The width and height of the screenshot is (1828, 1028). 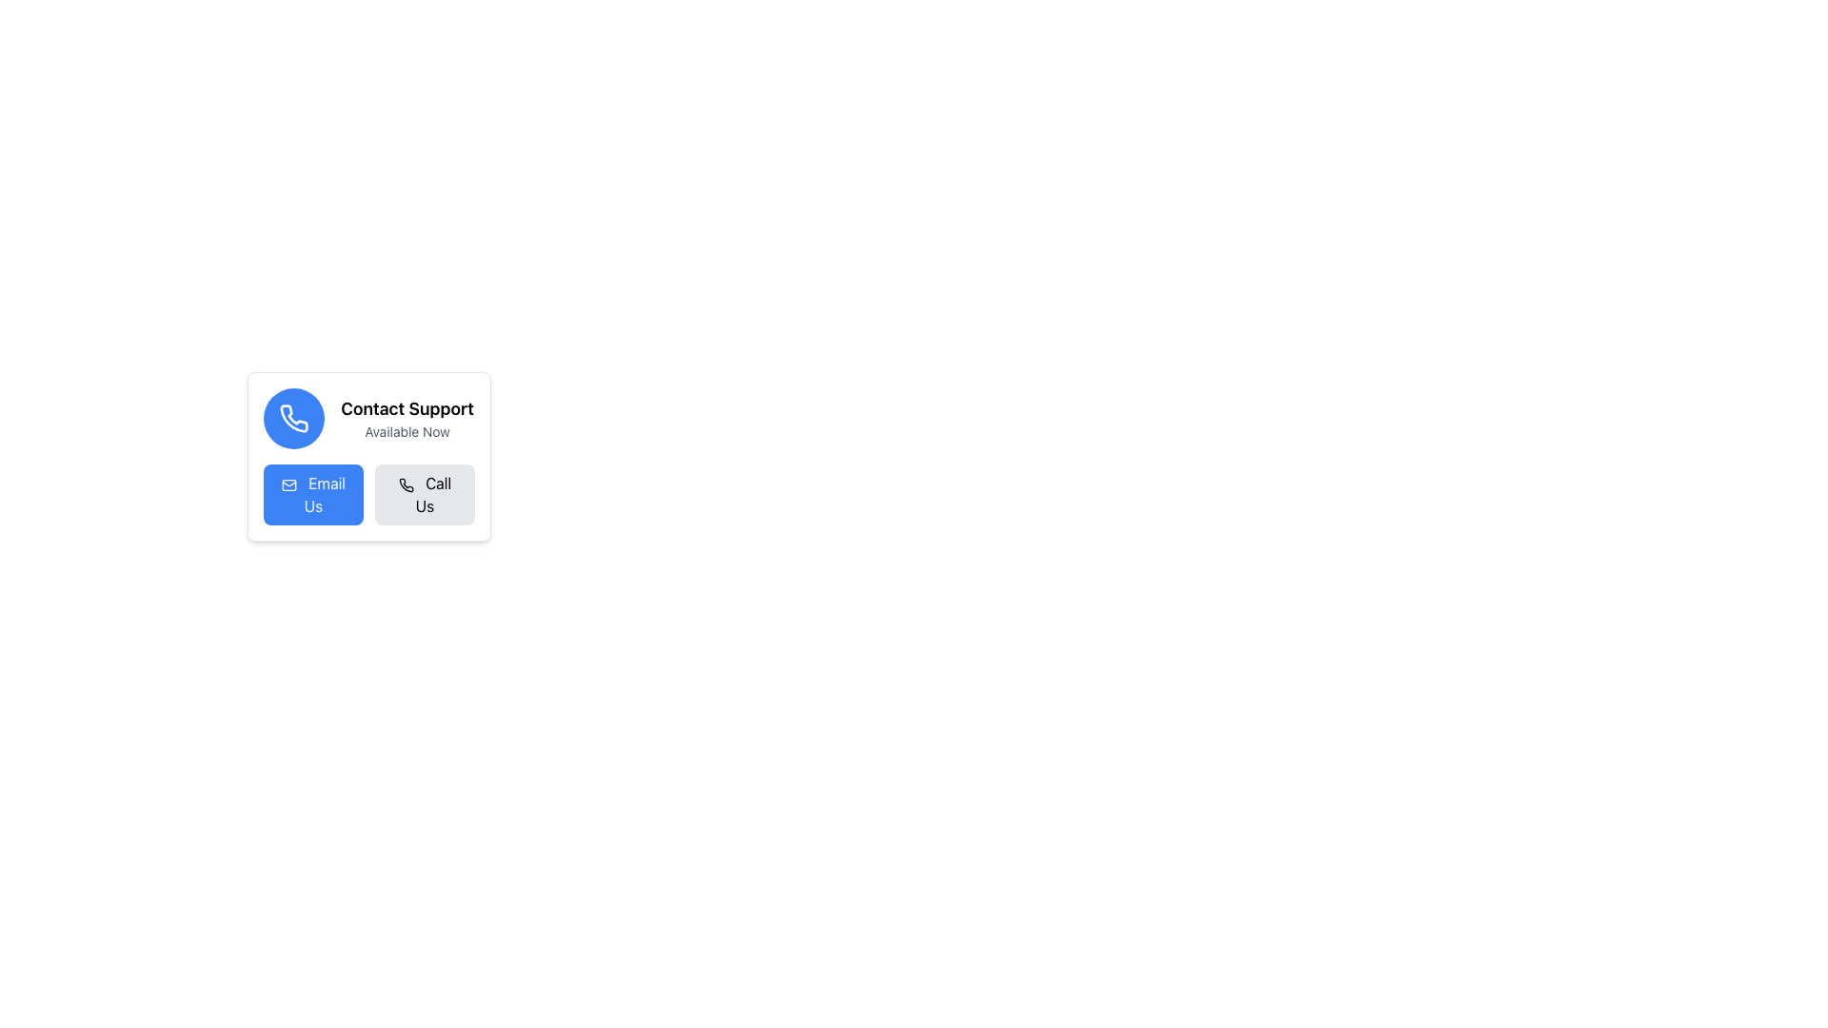 I want to click on the SVG mail icon located within the 'Email Us' button on the bottom-left of the card layout, so click(x=288, y=484).